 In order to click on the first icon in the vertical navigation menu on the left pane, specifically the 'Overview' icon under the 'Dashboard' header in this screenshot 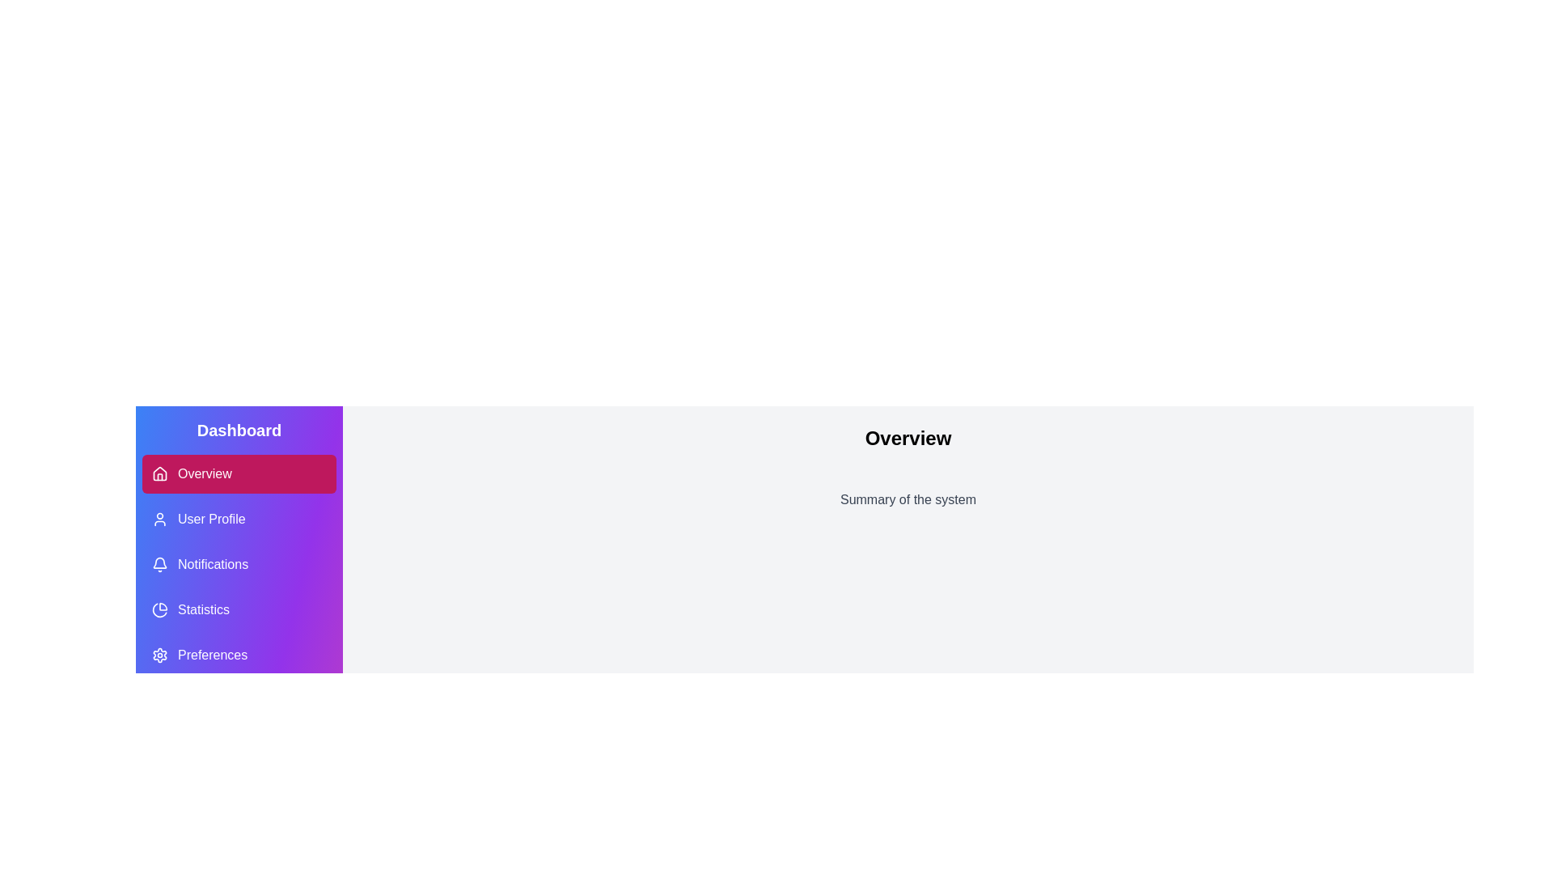, I will do `click(159, 473)`.